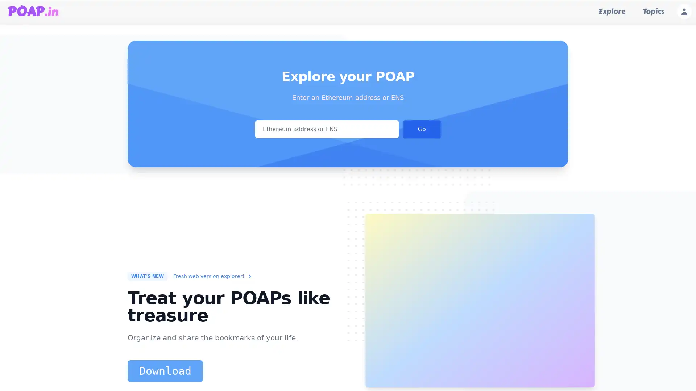 This screenshot has height=391, width=696. What do you see at coordinates (422, 129) in the screenshot?
I see `Go` at bounding box center [422, 129].